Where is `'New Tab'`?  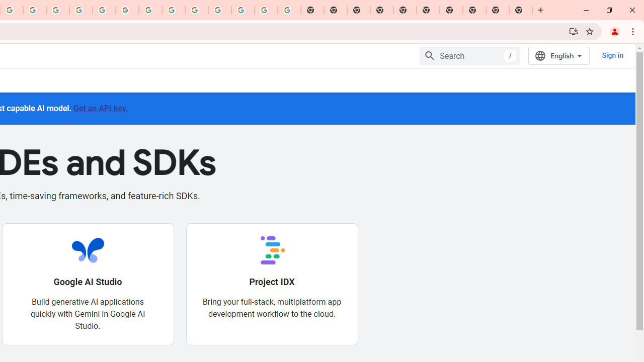
'New Tab' is located at coordinates (521, 10).